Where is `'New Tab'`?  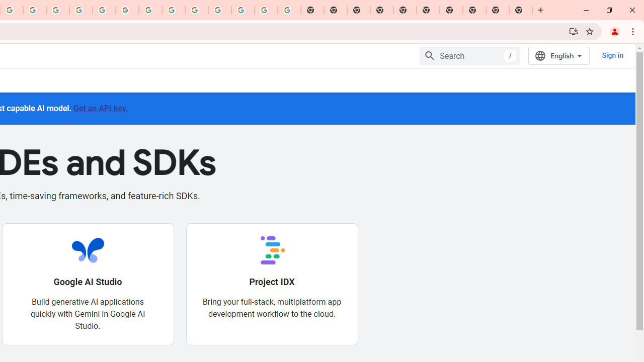
'New Tab' is located at coordinates (521, 10).